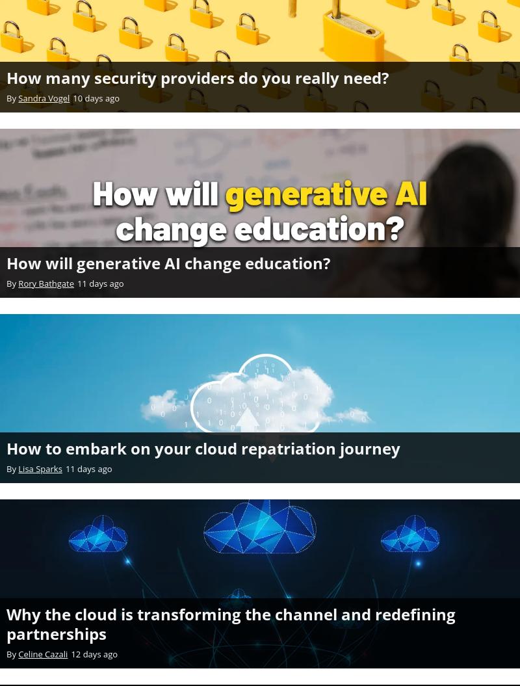  I want to click on 'Why the cloud is transforming the channel and redefining partnerships', so click(231, 623).